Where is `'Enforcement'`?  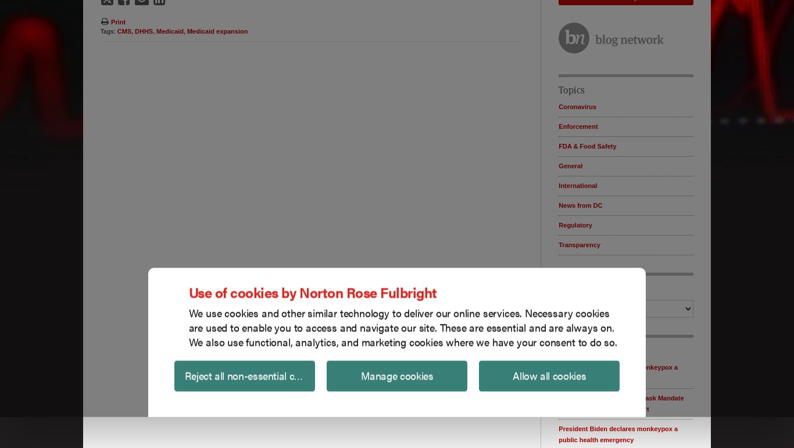 'Enforcement' is located at coordinates (558, 126).